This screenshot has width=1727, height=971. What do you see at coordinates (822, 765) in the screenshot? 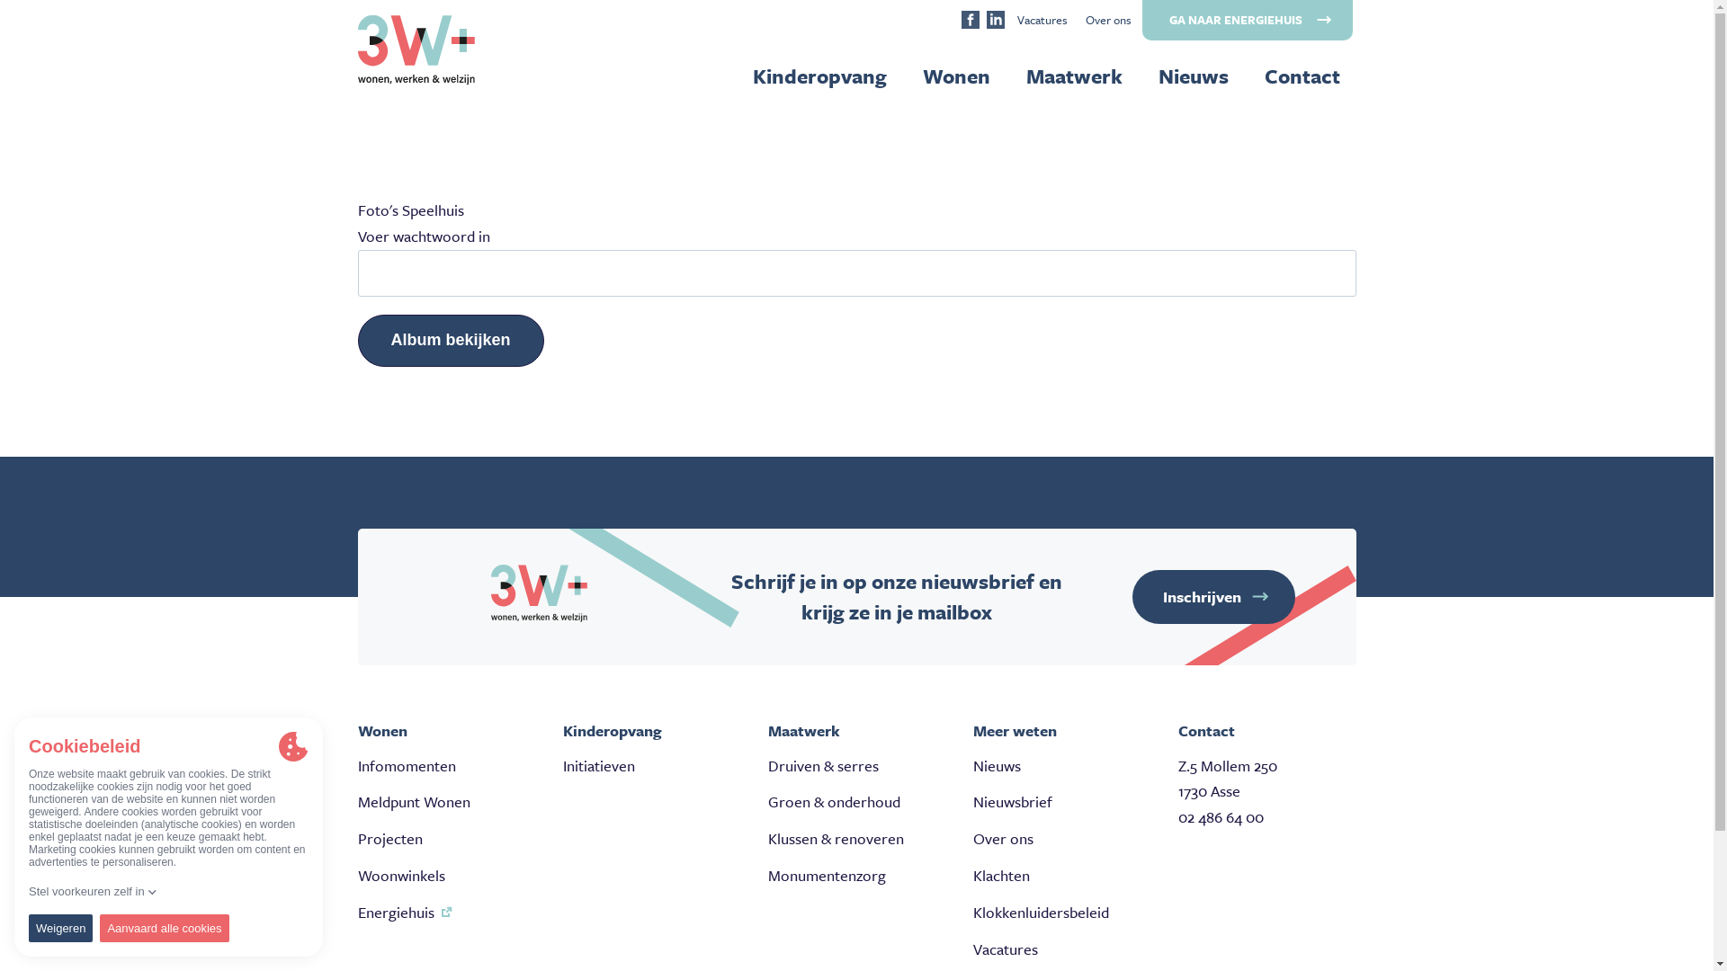
I see `'Druiven & serres'` at bounding box center [822, 765].